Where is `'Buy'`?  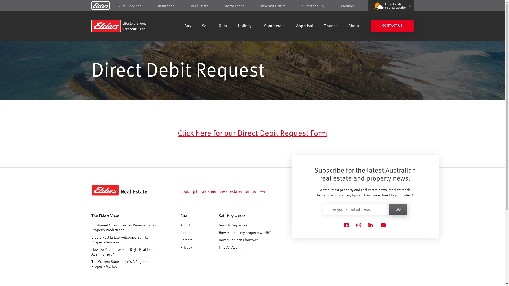
'Buy' is located at coordinates (188, 26).